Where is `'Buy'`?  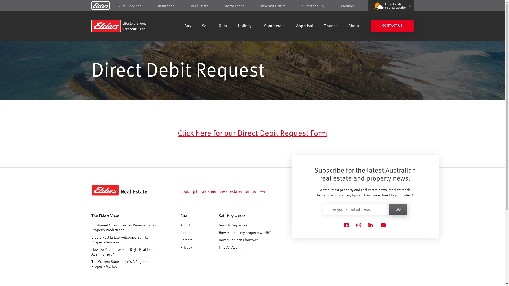
'Buy' is located at coordinates (188, 26).